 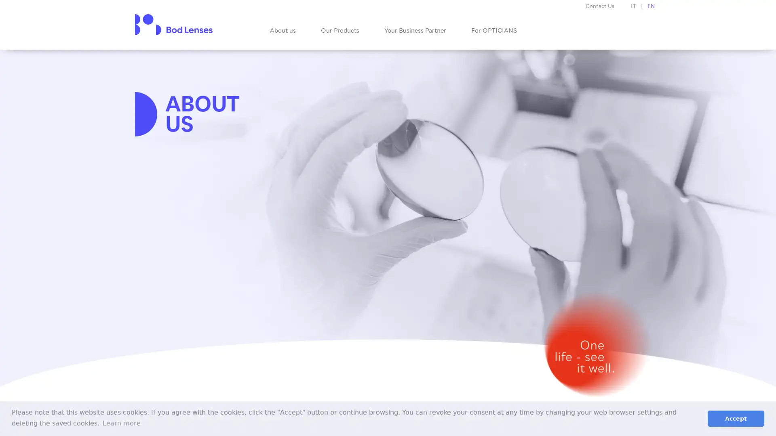 What do you see at coordinates (736, 418) in the screenshot?
I see `dismiss cookie message` at bounding box center [736, 418].